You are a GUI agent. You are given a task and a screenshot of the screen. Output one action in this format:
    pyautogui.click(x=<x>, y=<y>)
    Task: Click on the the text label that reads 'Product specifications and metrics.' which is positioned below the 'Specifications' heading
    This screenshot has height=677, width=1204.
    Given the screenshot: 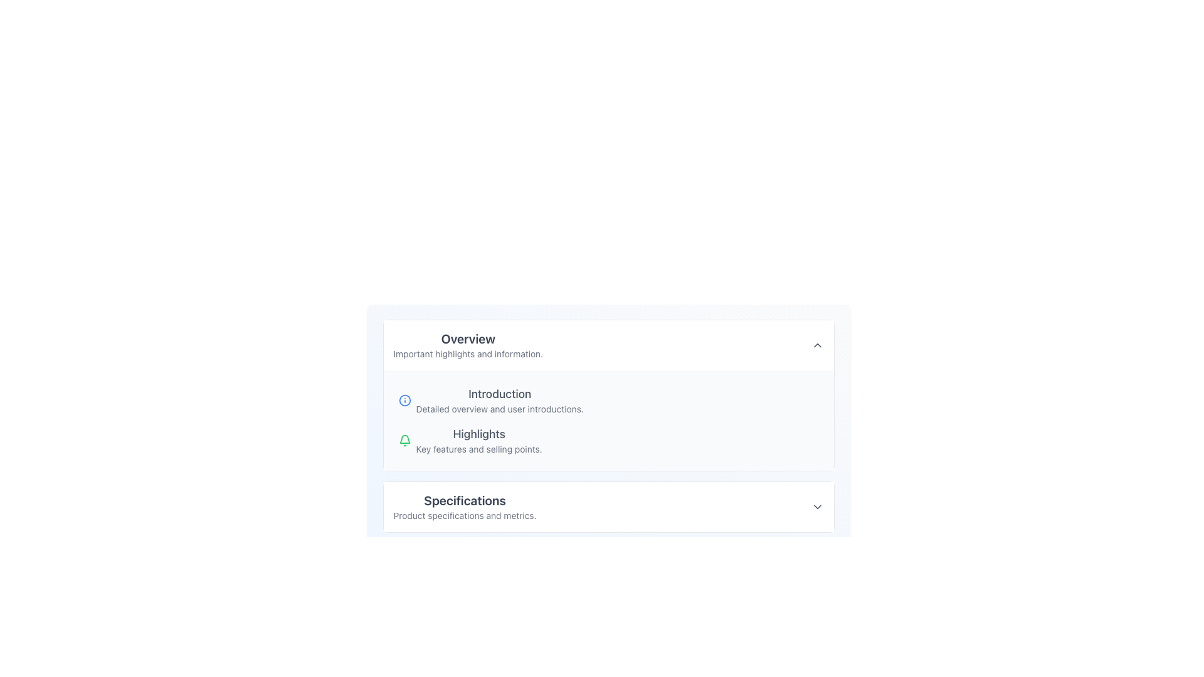 What is the action you would take?
    pyautogui.click(x=464, y=515)
    